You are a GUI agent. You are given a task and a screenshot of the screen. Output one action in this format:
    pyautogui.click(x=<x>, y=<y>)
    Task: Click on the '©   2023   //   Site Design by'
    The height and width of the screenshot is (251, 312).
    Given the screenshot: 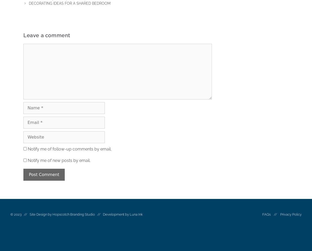 What is the action you would take?
    pyautogui.click(x=31, y=214)
    